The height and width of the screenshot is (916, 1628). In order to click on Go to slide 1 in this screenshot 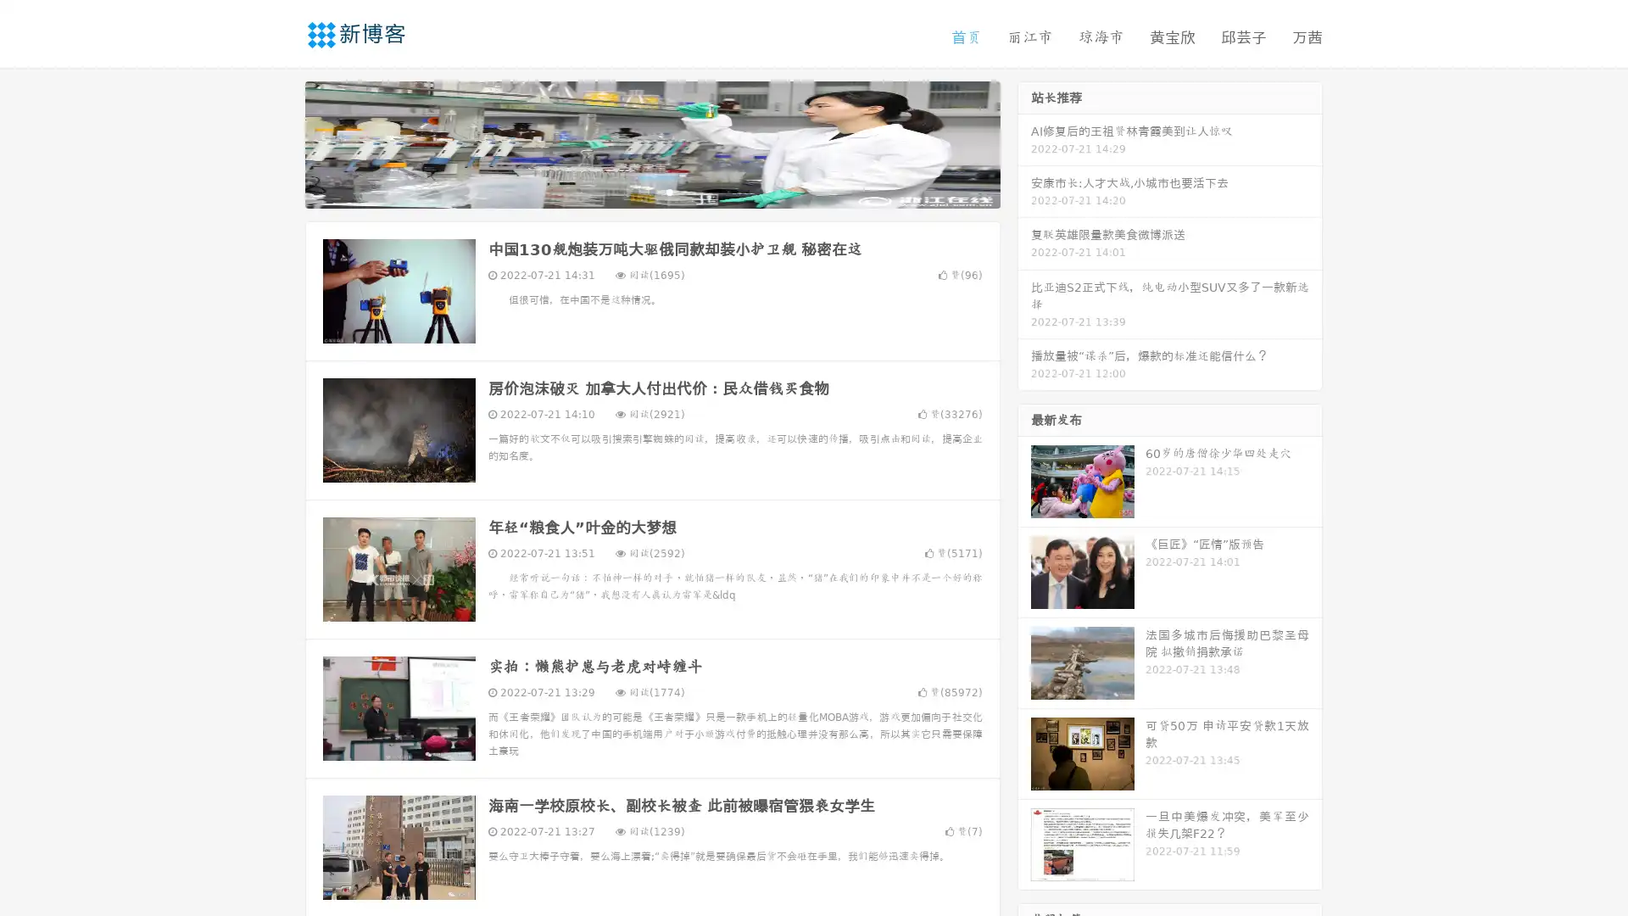, I will do `click(634, 191)`.